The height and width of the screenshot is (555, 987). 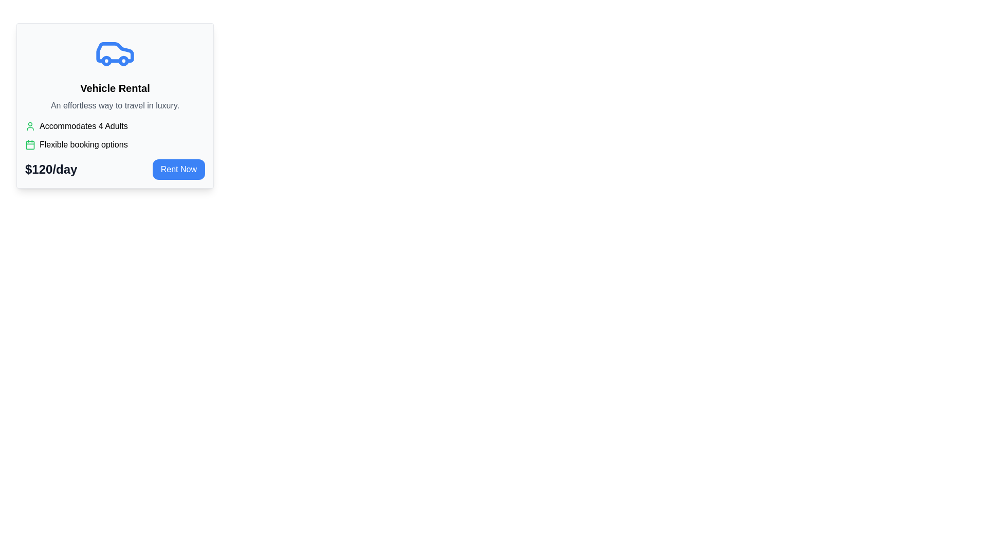 What do you see at coordinates (123, 61) in the screenshot?
I see `Decorative SVG Circle that visually represents the rear-right wheel of the car icon, located at the bottom-right of the blue car icon in the card interface promoting vehicle rental services` at bounding box center [123, 61].